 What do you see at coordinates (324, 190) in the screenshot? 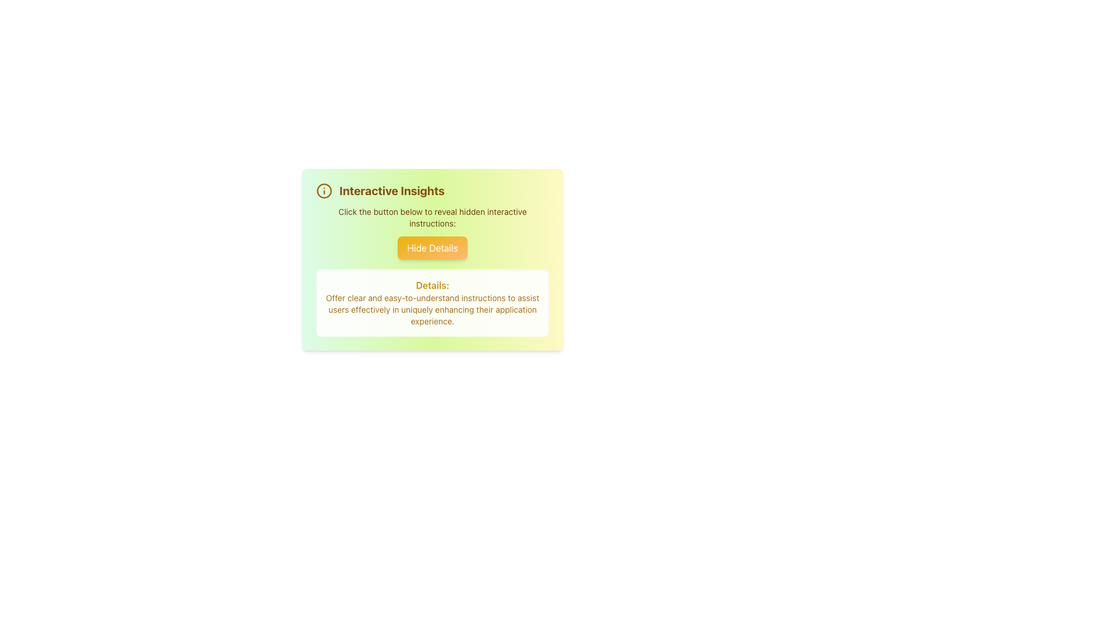
I see `the circular informational icon with a central 'i' symbol, styled in yellow and brown hues, located to the left of the 'Interactive Insights' text` at bounding box center [324, 190].